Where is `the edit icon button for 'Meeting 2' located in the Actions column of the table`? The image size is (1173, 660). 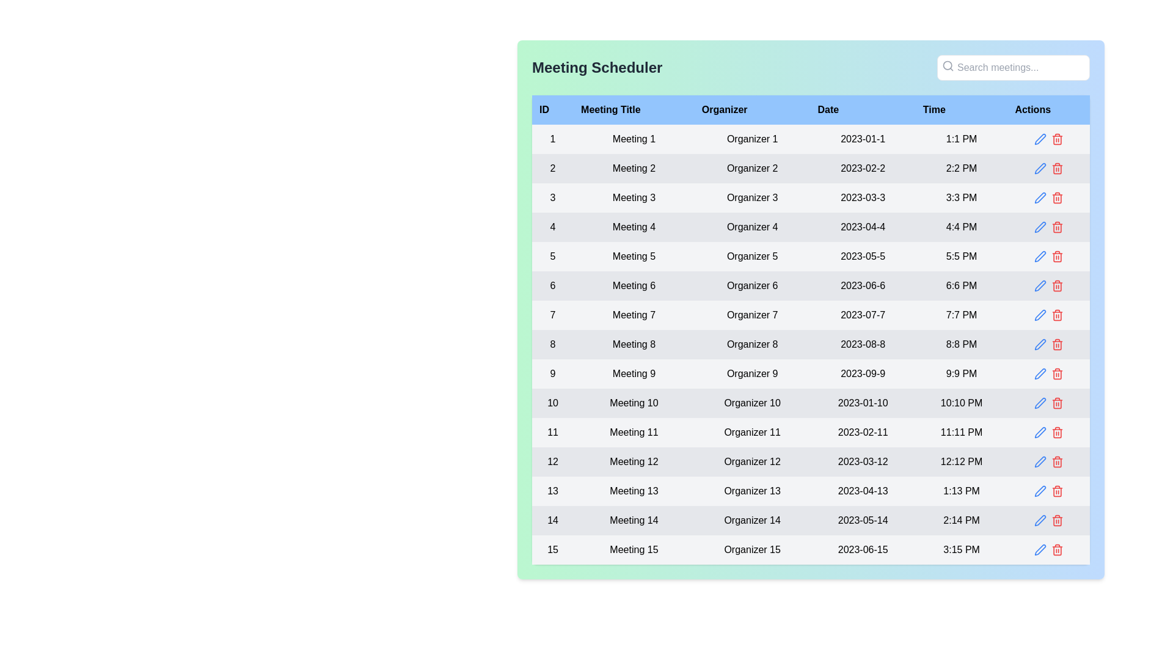 the edit icon button for 'Meeting 2' located in the Actions column of the table is located at coordinates (1039, 169).